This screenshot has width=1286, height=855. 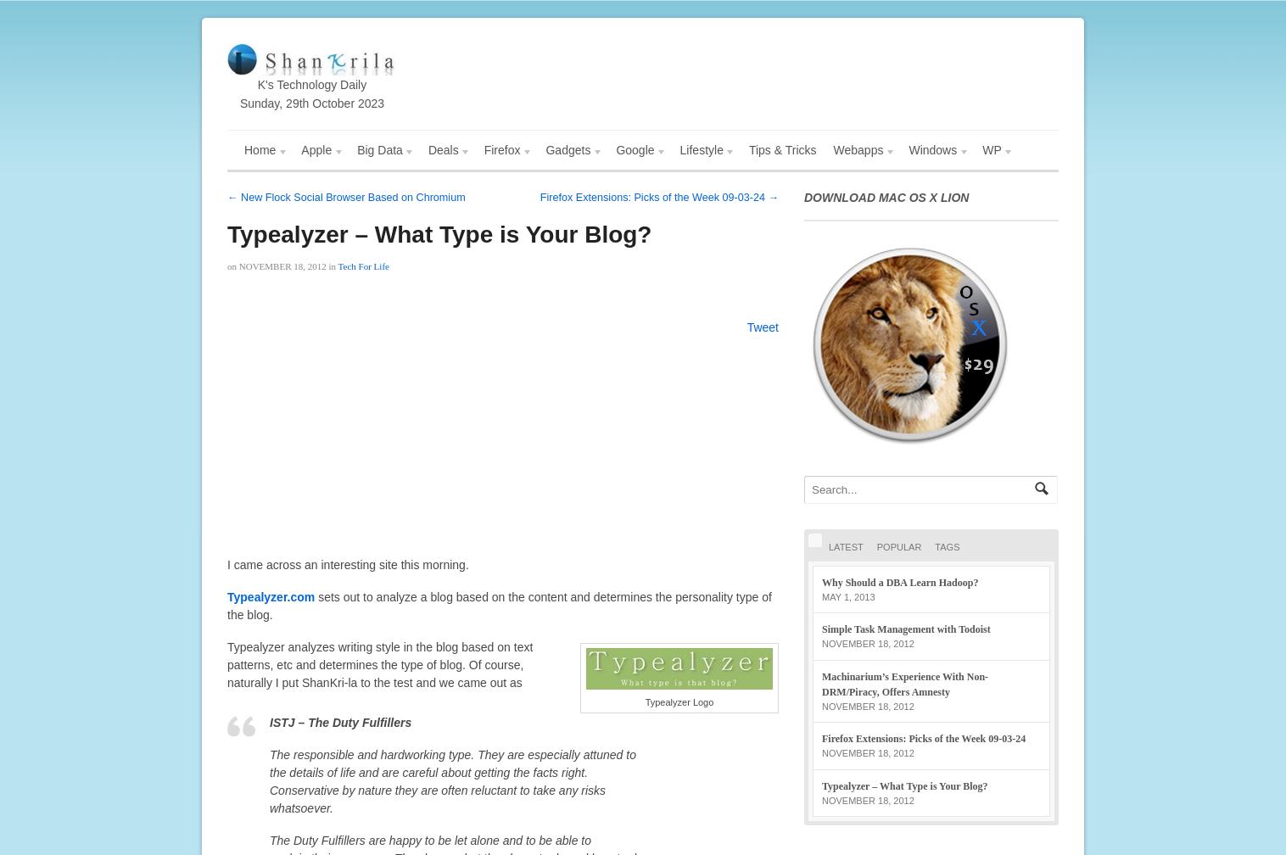 What do you see at coordinates (679, 150) in the screenshot?
I see `'Lifestyle'` at bounding box center [679, 150].